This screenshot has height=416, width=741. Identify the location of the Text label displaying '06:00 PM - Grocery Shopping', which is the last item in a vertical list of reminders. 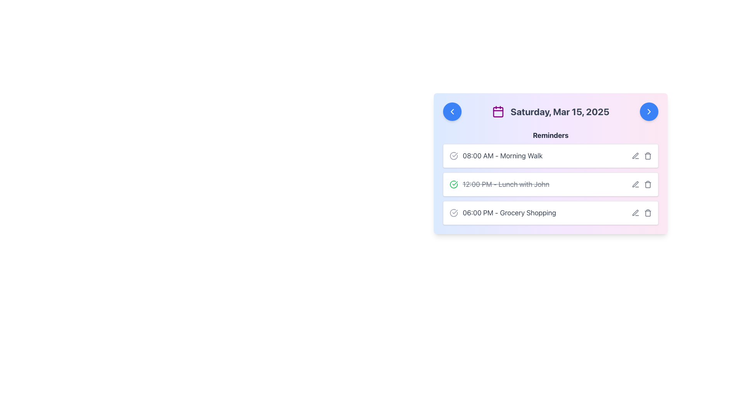
(509, 213).